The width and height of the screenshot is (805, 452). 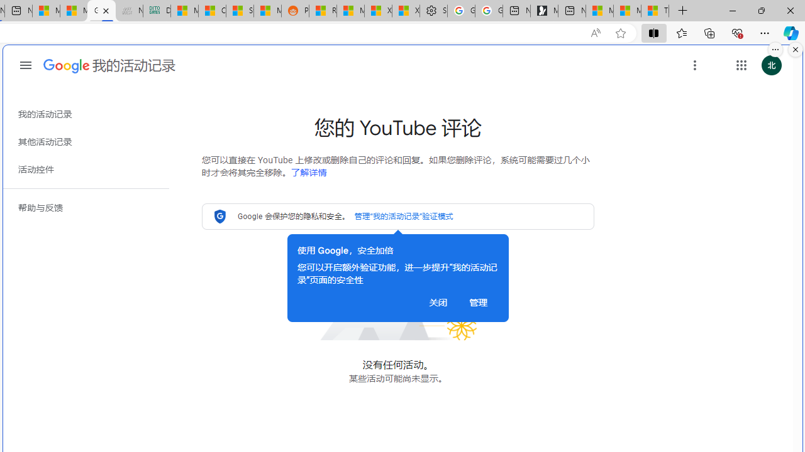 What do you see at coordinates (106, 11) in the screenshot?
I see `'Close tab'` at bounding box center [106, 11].